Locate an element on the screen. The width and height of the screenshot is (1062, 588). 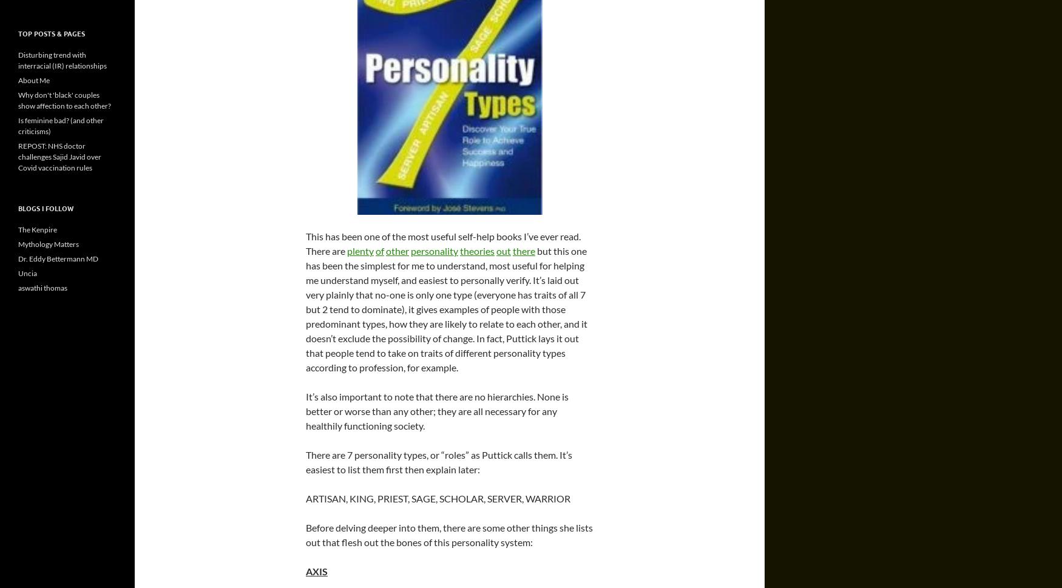
'but this one has been the simplest for me to understand, most useful for helping me understand myself, and easiest to personally verify. It’s laid out very plainly that no-one is only one type (everyone has traits of all 7 but 2 tend to dominate), it gives examples of people with those predominant types, how they are likely to relate to each other, and it doesn’t exclude the possibility of change. In fact, Puttick lays it out that people tend to take on traits of different personality types according to profession, for example.' is located at coordinates (447, 308).